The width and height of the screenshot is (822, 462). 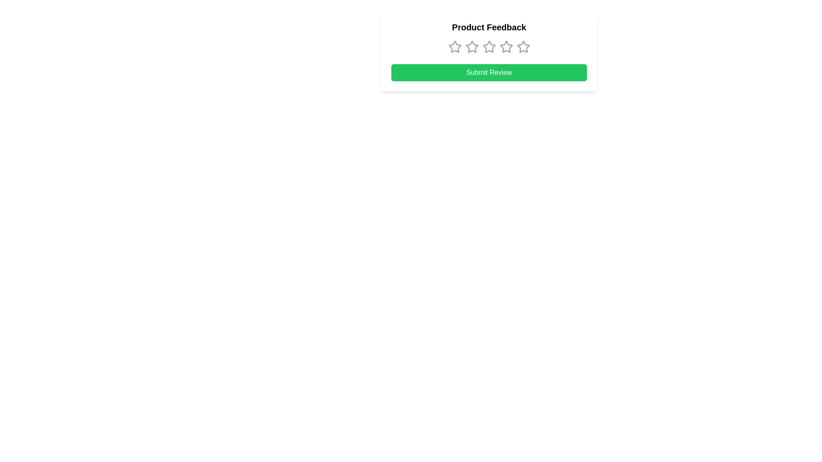 I want to click on the first star in the star rating icon below the 'Product Feedback' title, so click(x=454, y=47).